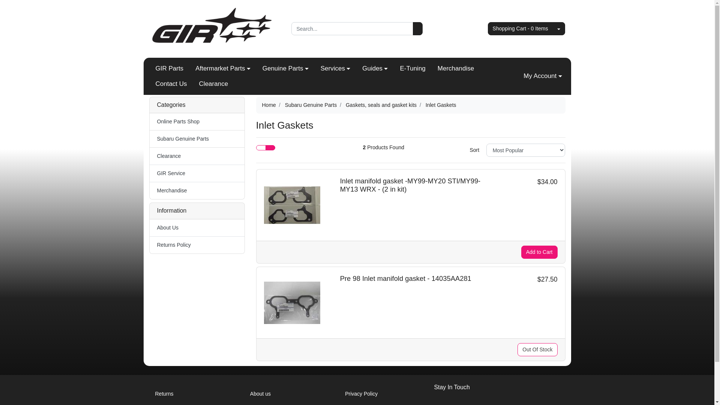 The height and width of the screenshot is (405, 720). I want to click on 'Subaru Genuine Parts', so click(149, 139).